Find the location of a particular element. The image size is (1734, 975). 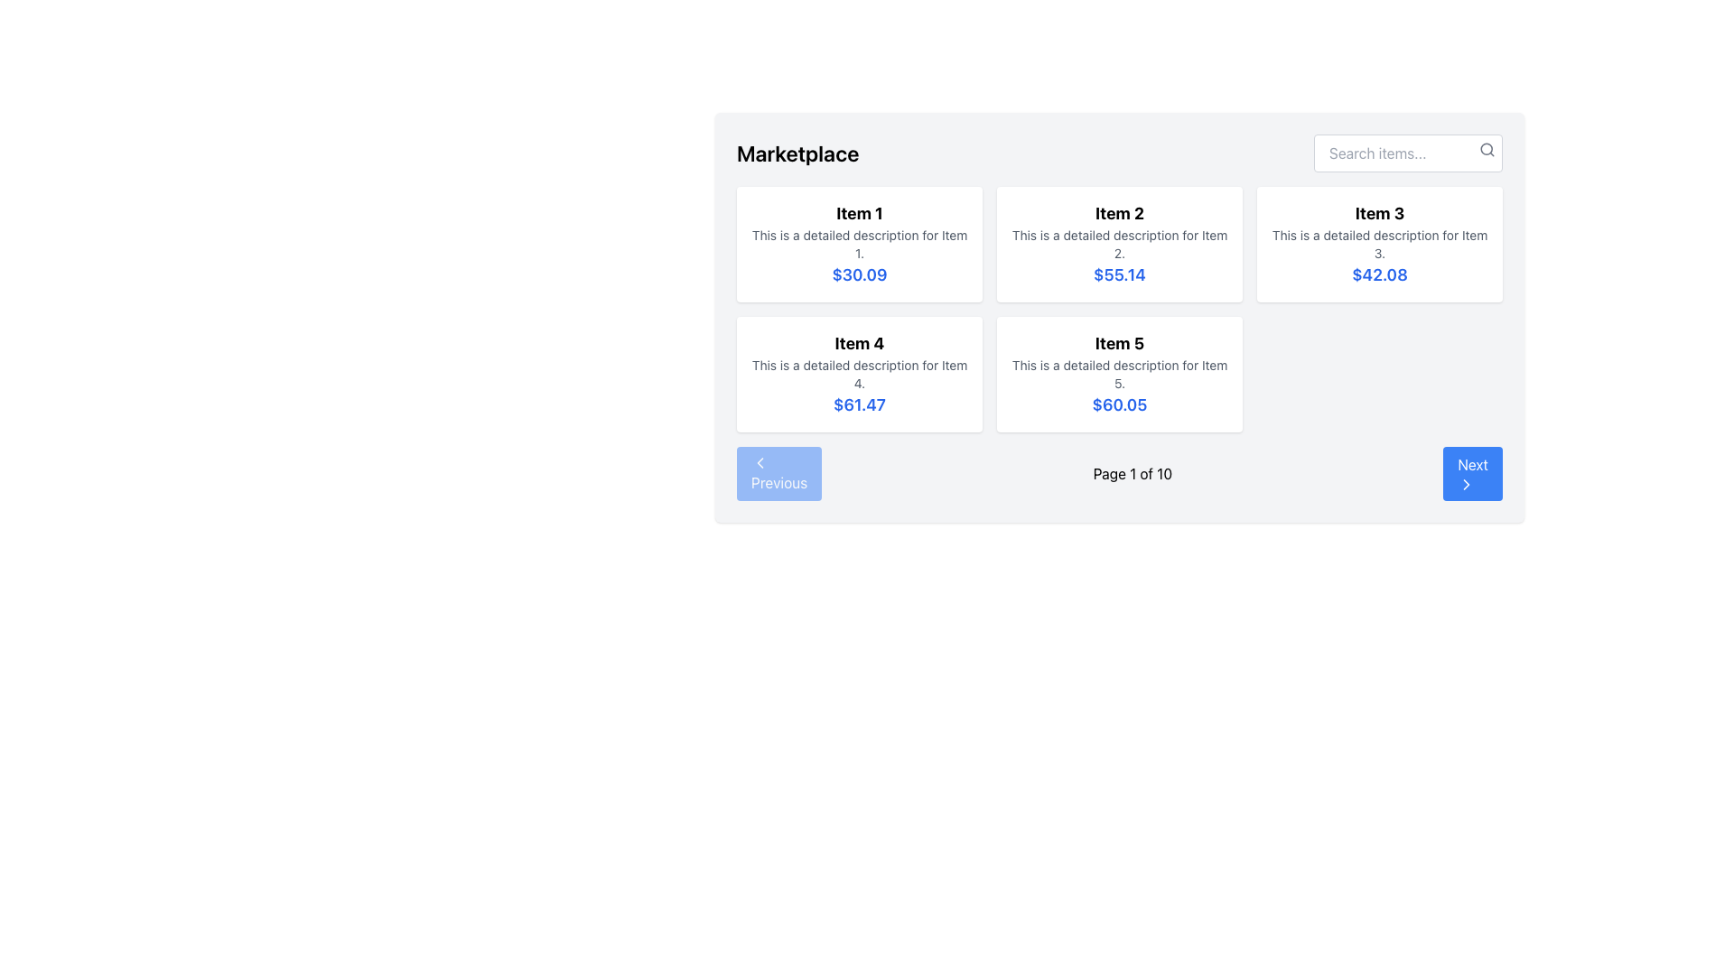

details of the Card Component displaying 'Item 1' with a price of '$30.09' located in the top-left corner of the grid layout is located at coordinates (858, 244).